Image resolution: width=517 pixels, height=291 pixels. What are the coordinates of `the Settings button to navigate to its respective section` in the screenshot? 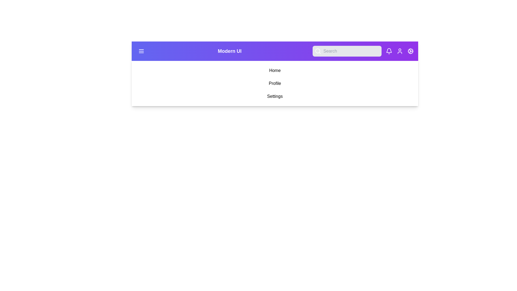 It's located at (410, 51).